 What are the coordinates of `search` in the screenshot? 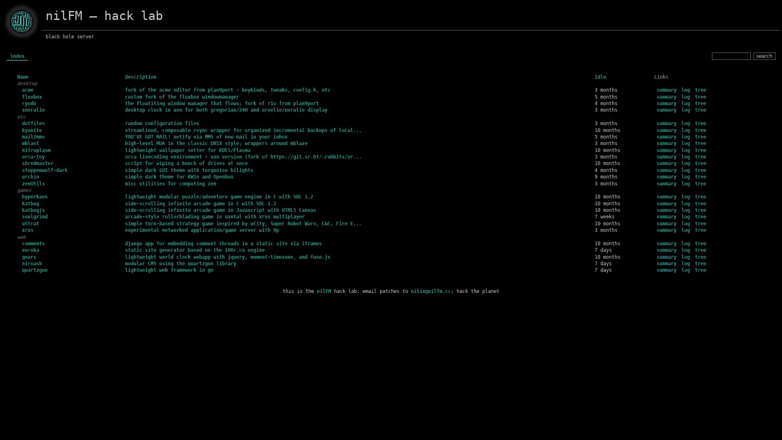 It's located at (764, 56).